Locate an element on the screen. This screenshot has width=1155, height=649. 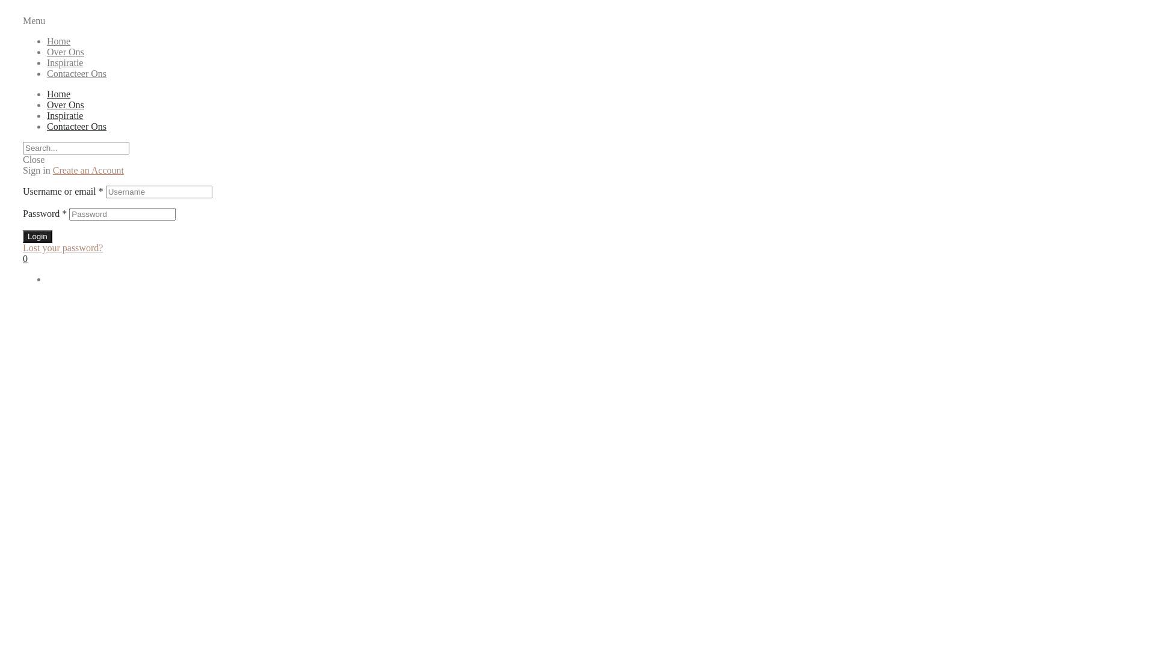
'Search' is located at coordinates (75, 147).